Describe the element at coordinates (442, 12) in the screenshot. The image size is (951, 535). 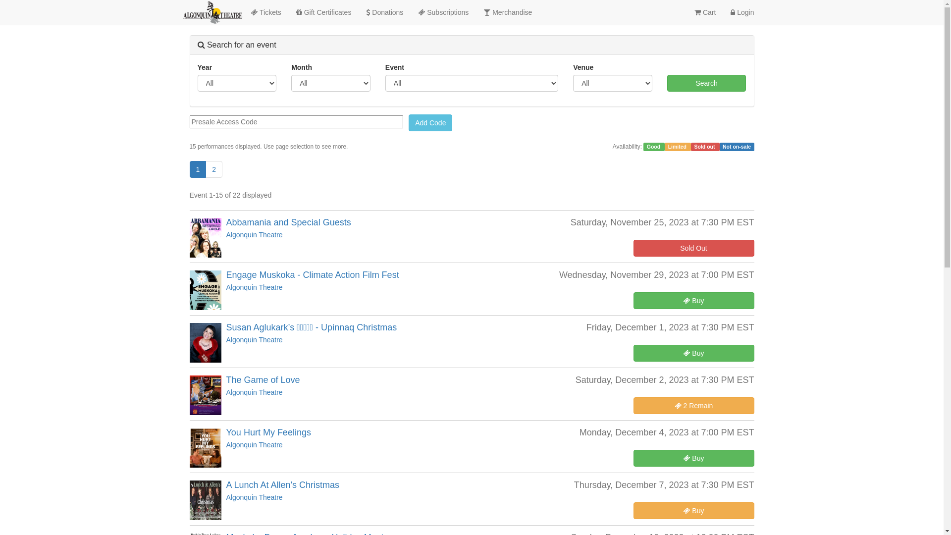
I see `'Subscriptions'` at that location.